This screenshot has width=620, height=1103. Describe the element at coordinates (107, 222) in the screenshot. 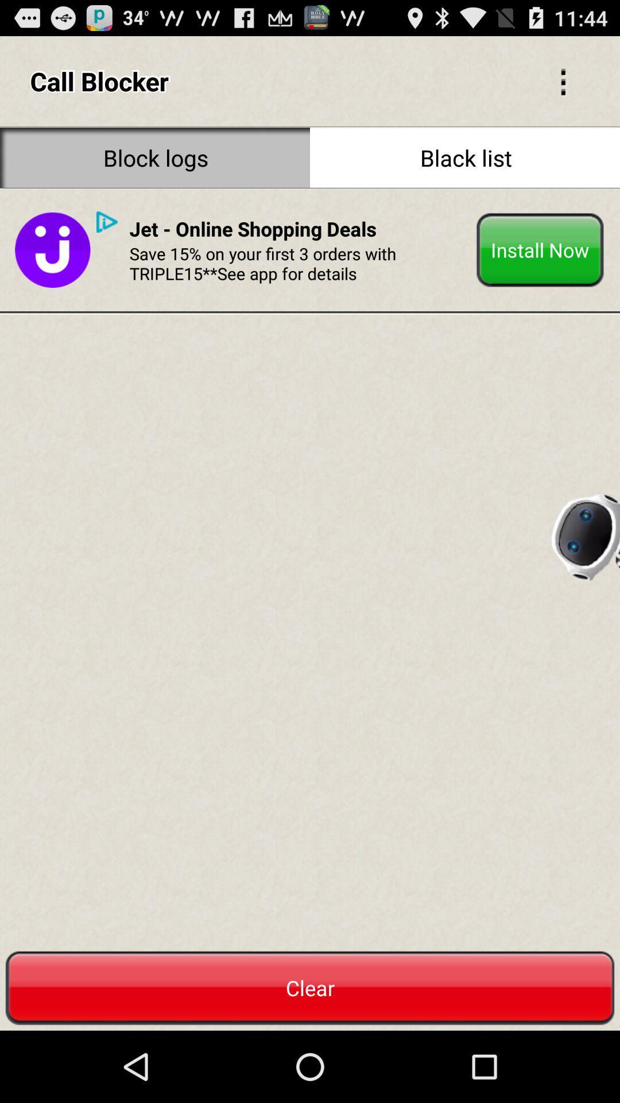

I see `icon above clear item` at that location.